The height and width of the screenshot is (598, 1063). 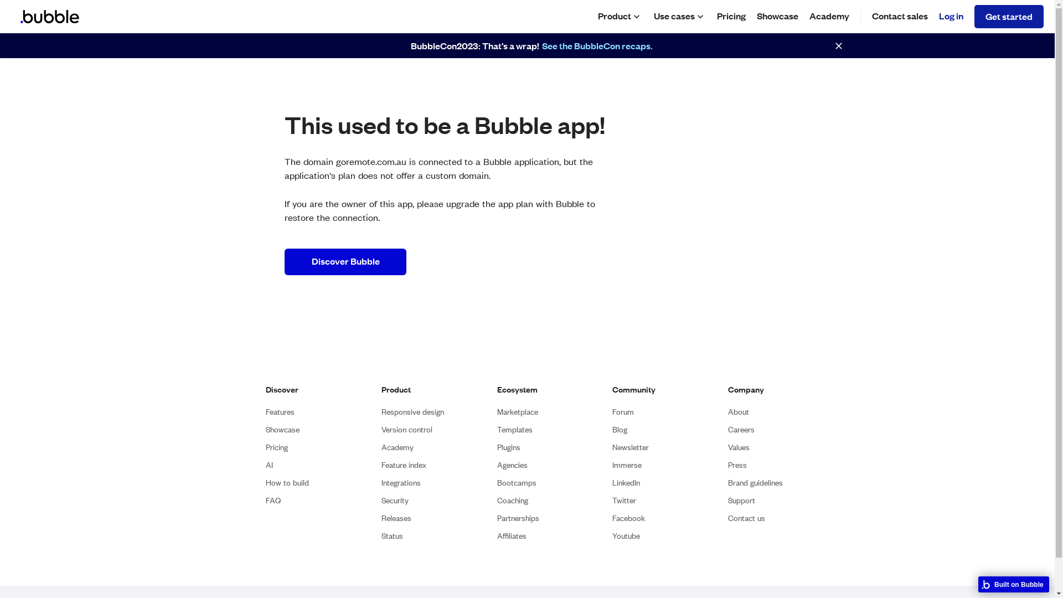 What do you see at coordinates (1009, 17) in the screenshot?
I see `'Get started'` at bounding box center [1009, 17].